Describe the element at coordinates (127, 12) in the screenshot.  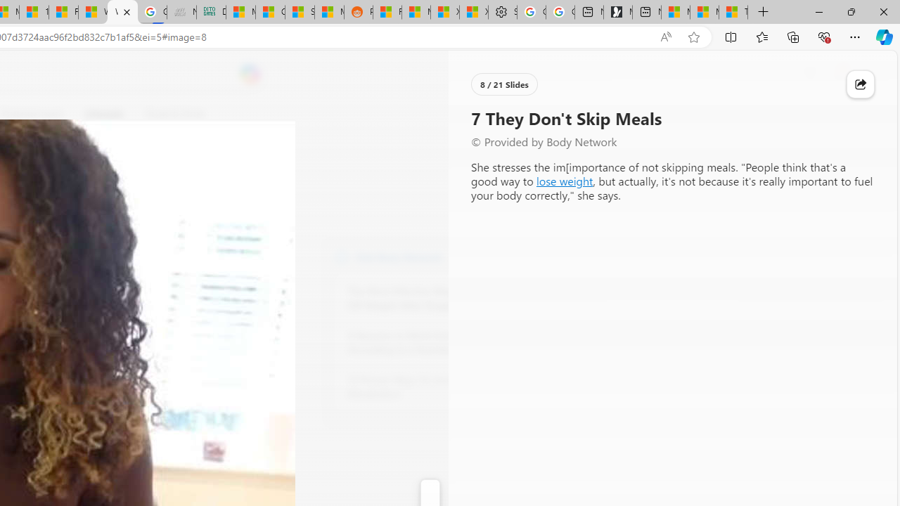
I see `'Close tab'` at that location.